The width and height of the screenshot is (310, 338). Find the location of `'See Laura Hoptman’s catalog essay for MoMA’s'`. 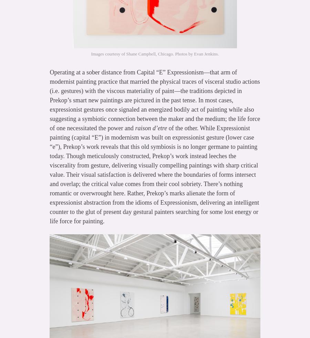

'See Laura Hoptman’s catalog essay for MoMA’s' is located at coordinates (101, 248).